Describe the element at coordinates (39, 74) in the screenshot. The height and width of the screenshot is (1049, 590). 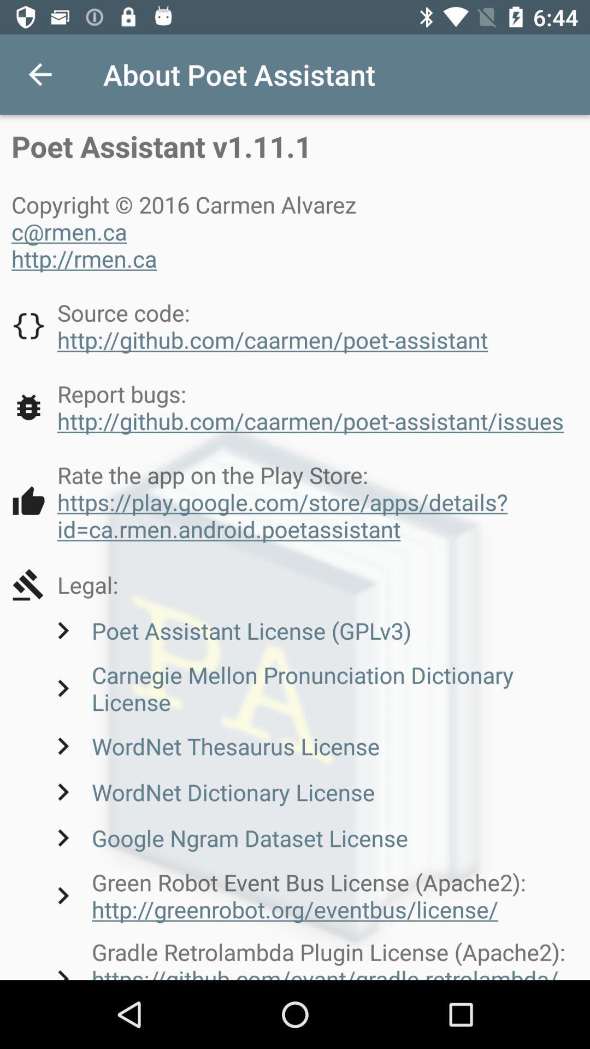
I see `icon to the left of the about poet assistant icon` at that location.